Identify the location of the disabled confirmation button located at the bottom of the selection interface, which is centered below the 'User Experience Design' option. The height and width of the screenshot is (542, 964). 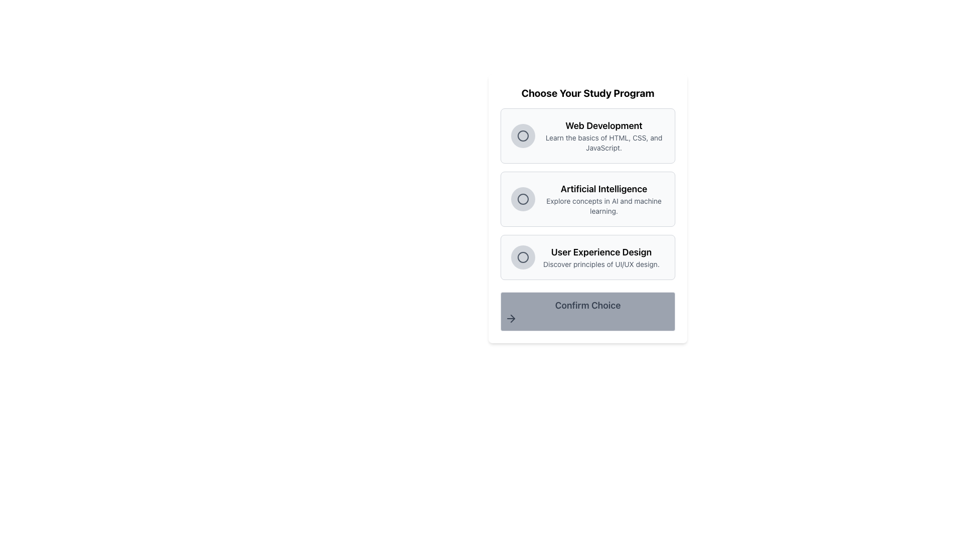
(588, 311).